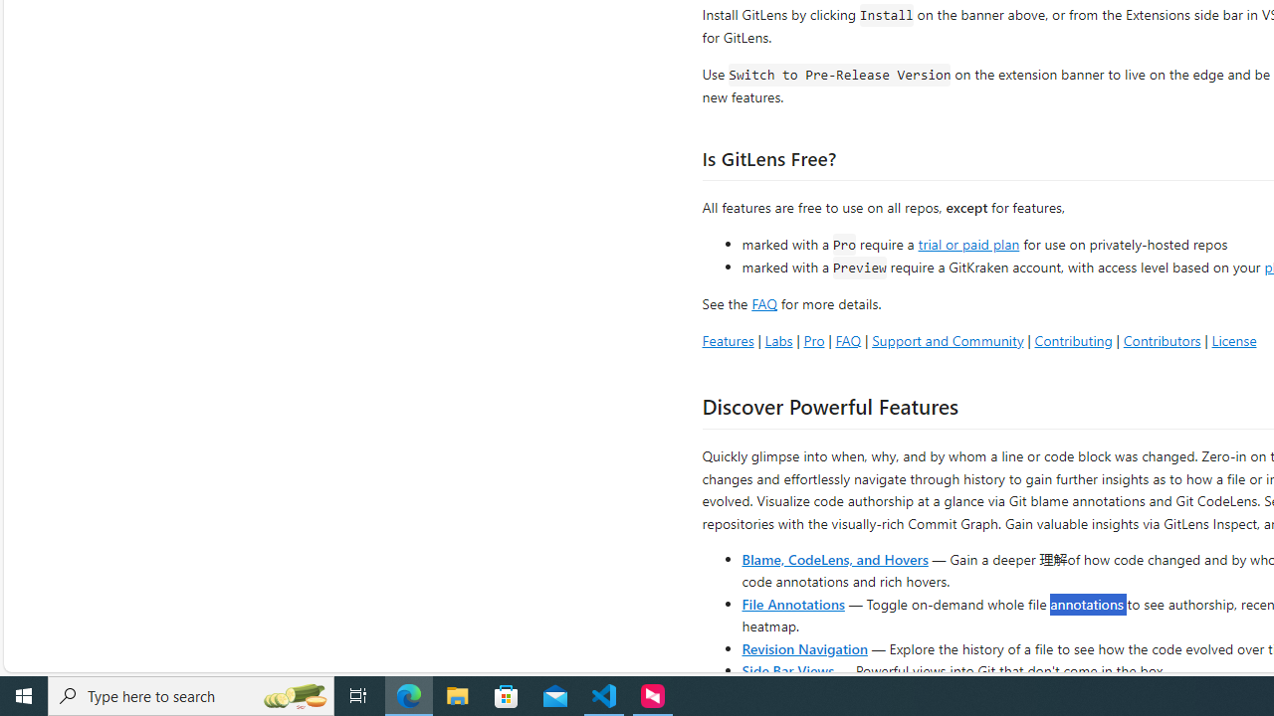 Image resolution: width=1274 pixels, height=716 pixels. What do you see at coordinates (1162, 339) in the screenshot?
I see `'Contributors'` at bounding box center [1162, 339].